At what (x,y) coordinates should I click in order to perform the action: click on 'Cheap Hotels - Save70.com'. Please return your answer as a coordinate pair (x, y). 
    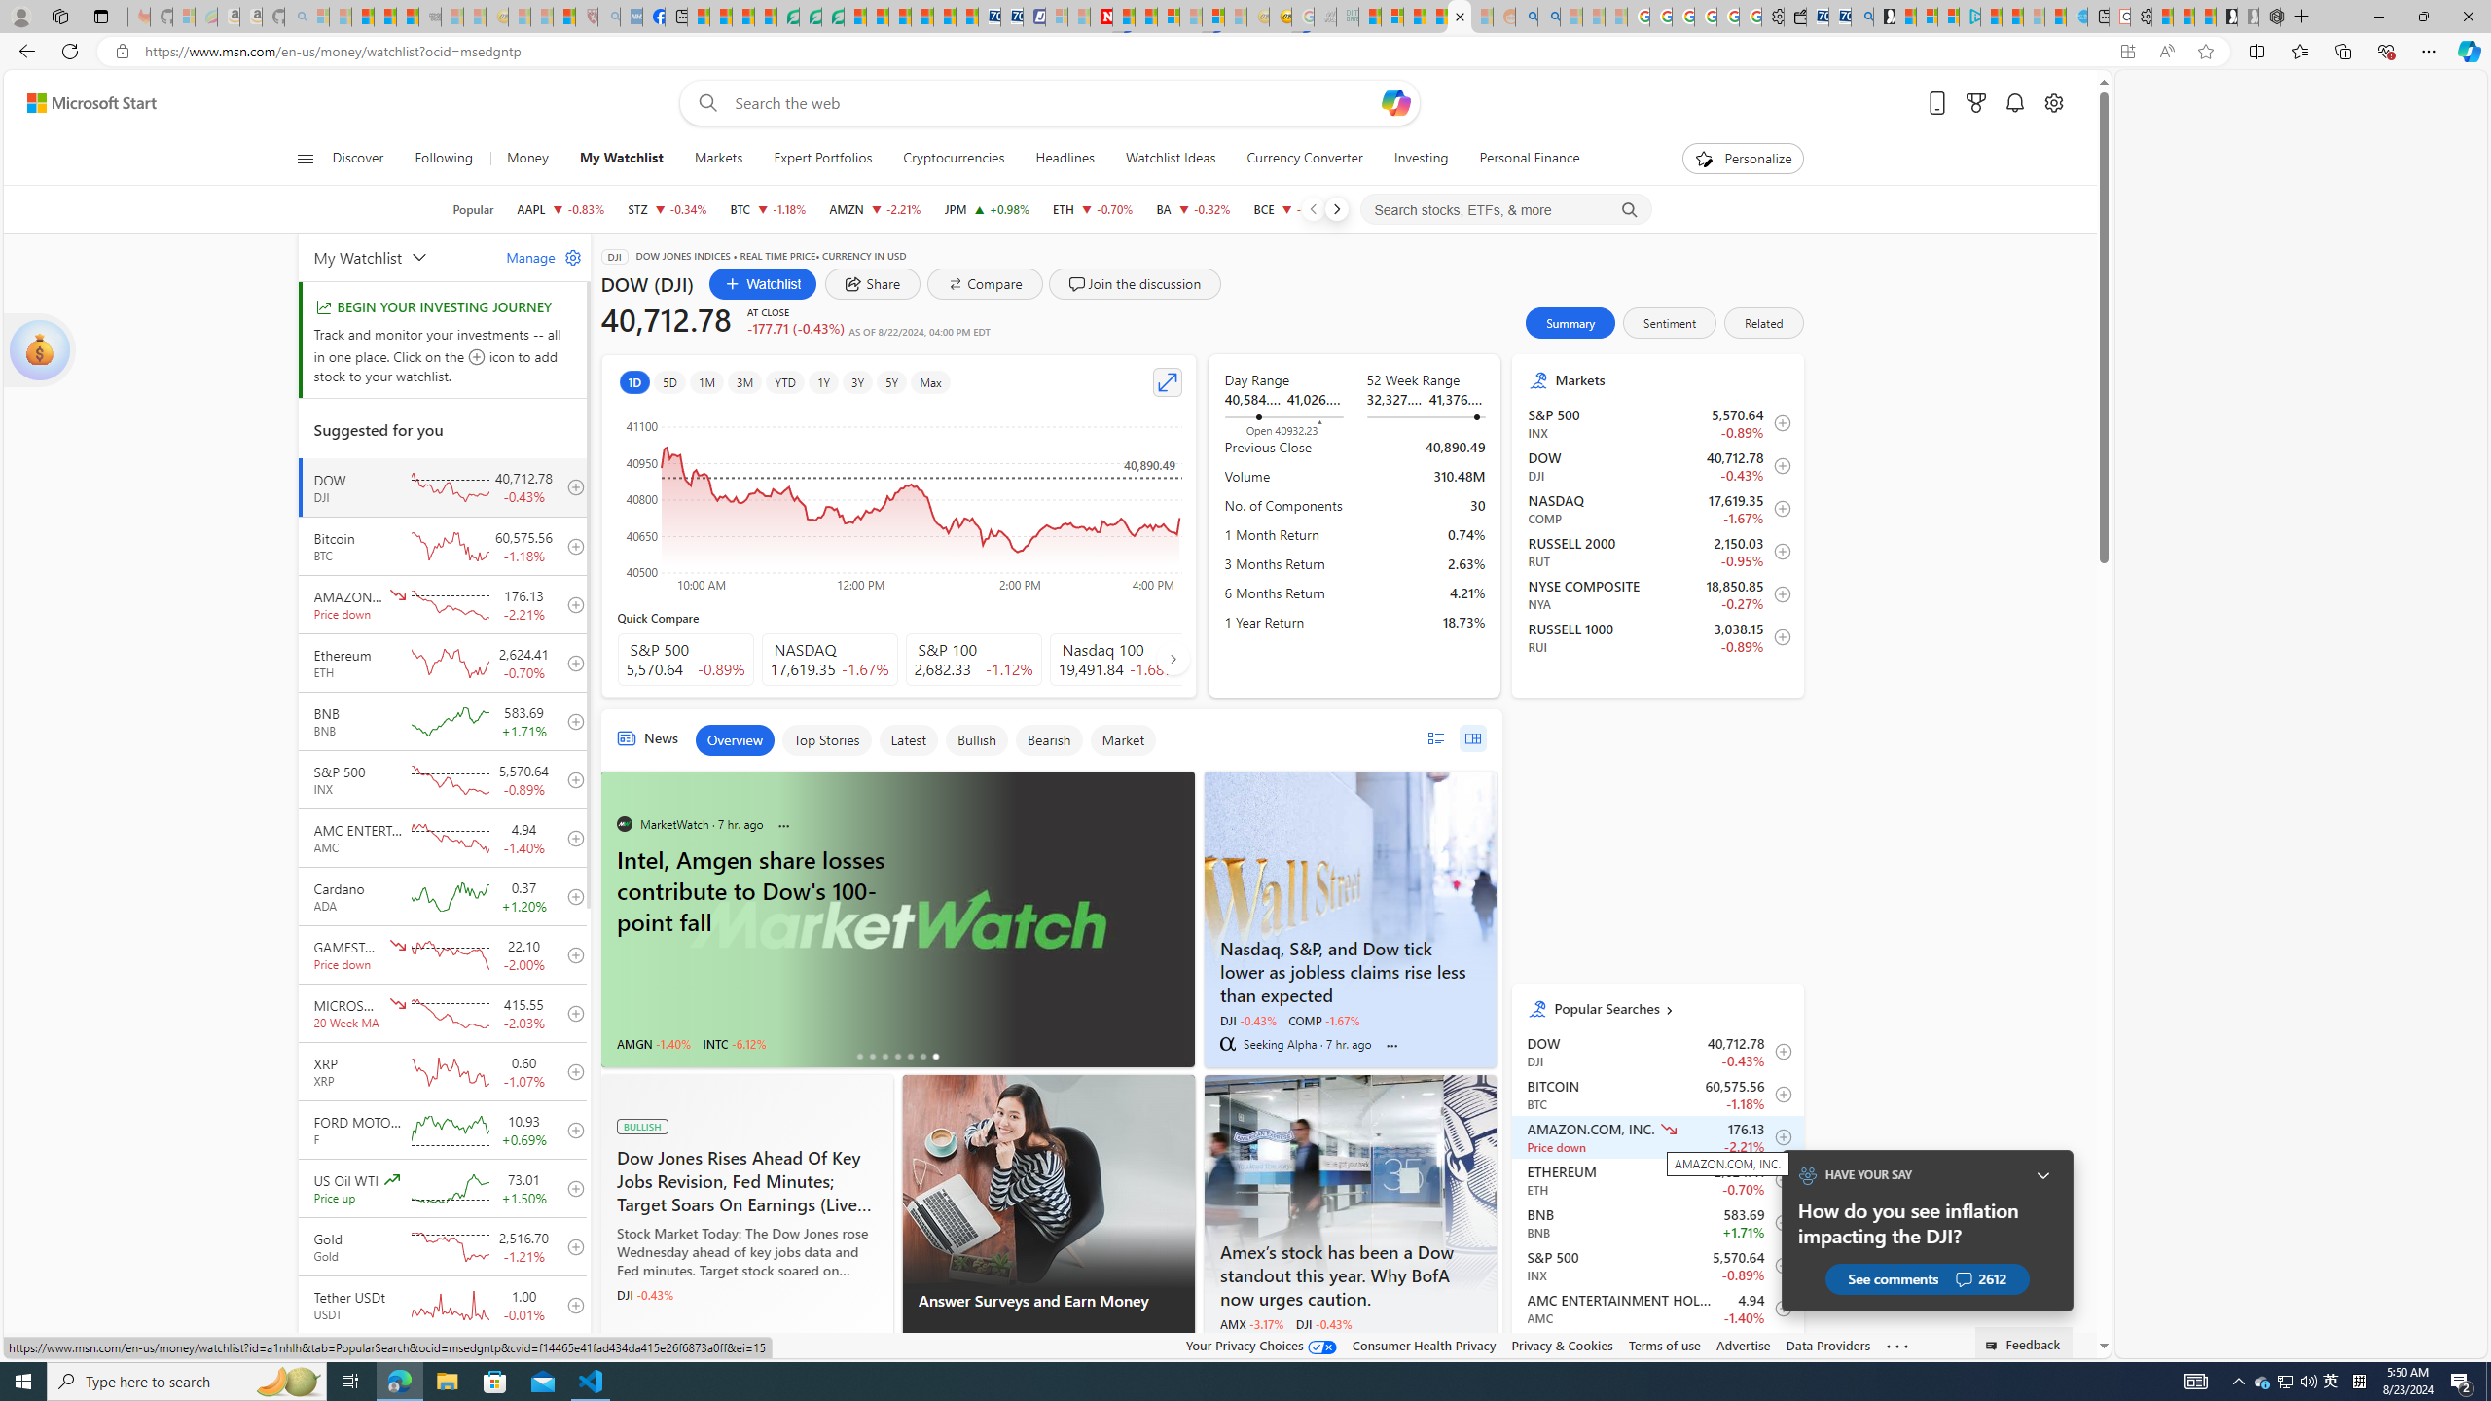
    Looking at the image, I should click on (1011, 16).